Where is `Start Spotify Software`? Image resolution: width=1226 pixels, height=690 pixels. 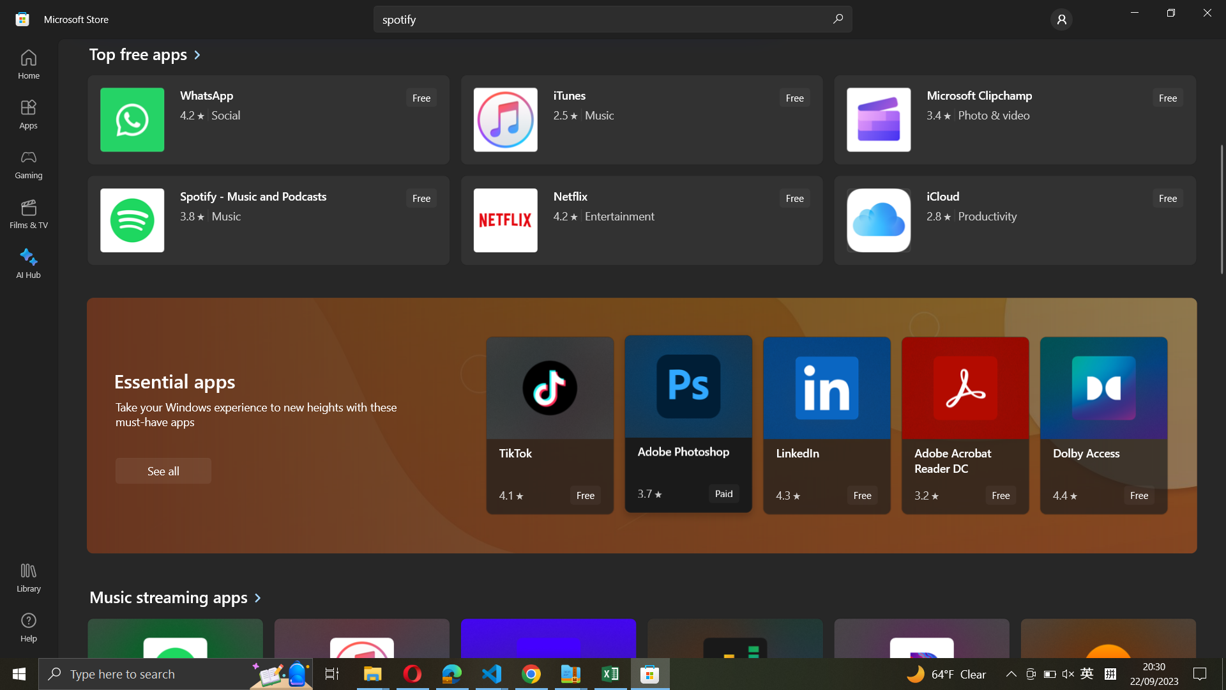
Start Spotify Software is located at coordinates (266, 218).